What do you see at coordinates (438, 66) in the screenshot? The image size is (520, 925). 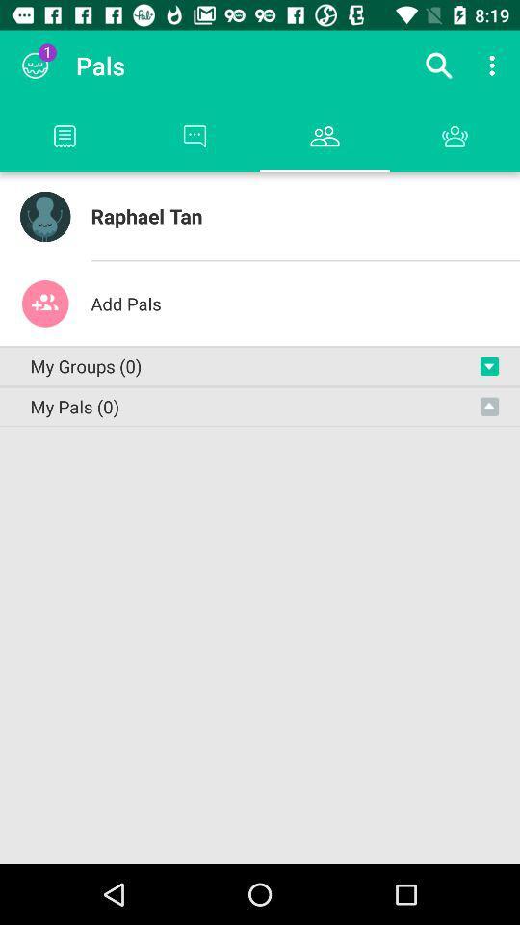 I see `the icon next to pals app` at bounding box center [438, 66].